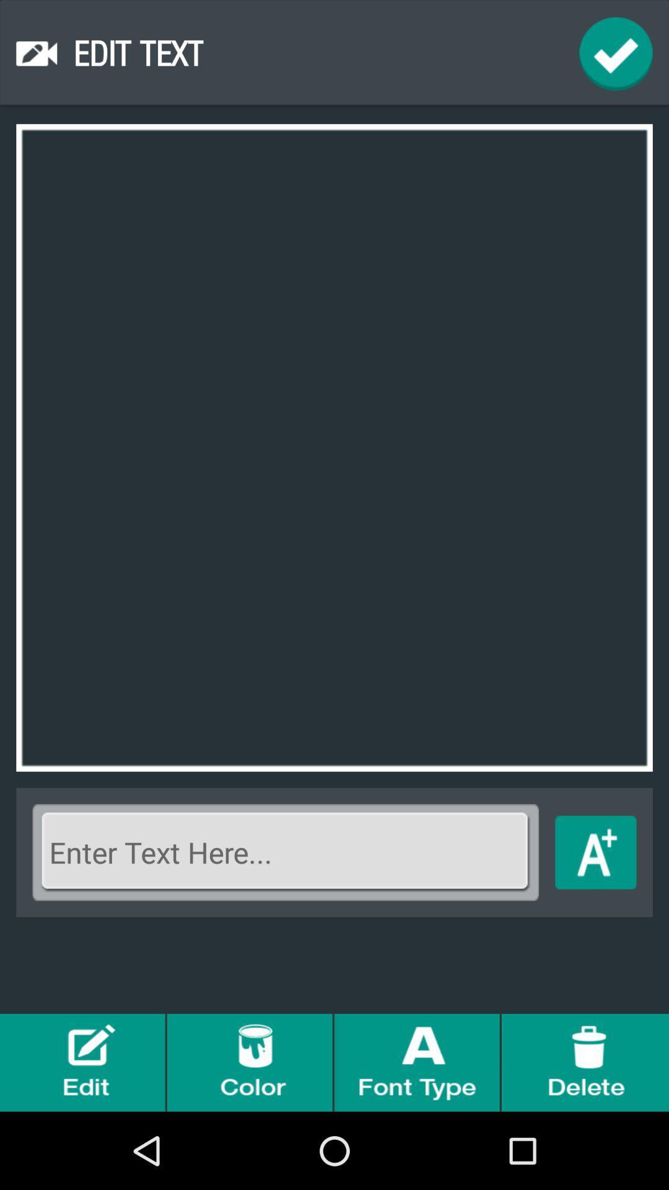  Describe the element at coordinates (84, 1062) in the screenshot. I see `edit option` at that location.